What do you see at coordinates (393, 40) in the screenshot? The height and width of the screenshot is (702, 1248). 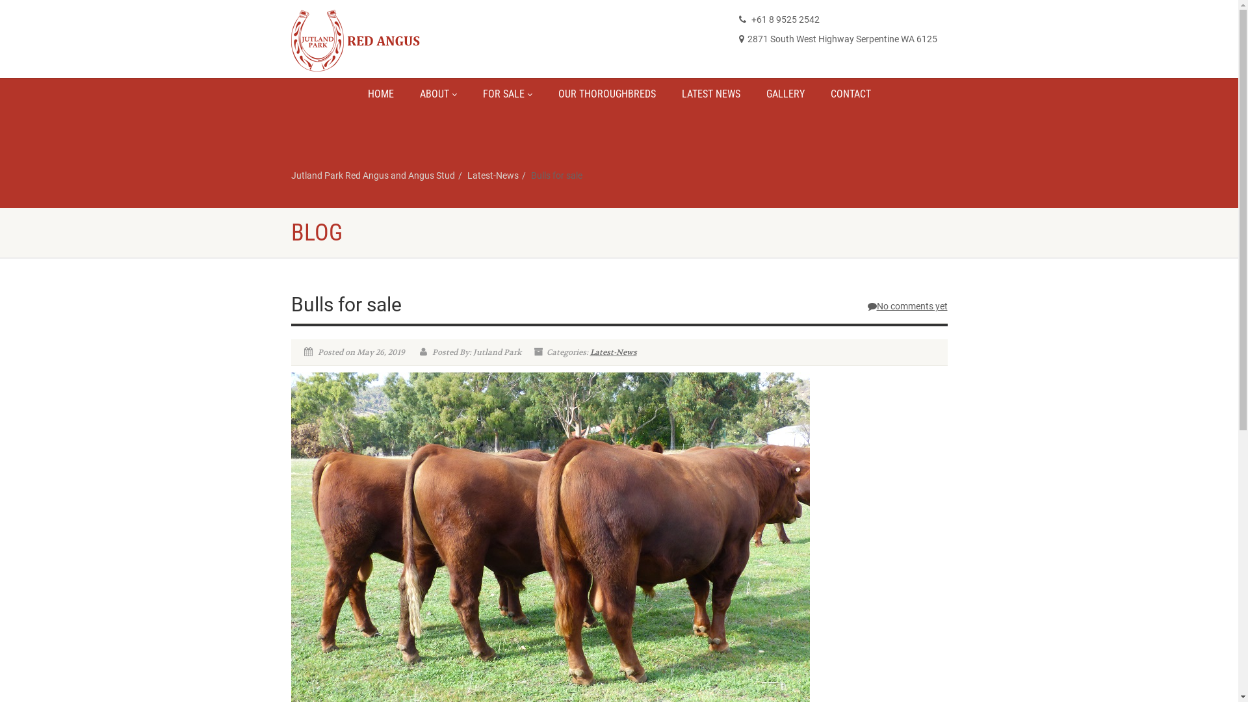 I see `'Logo'` at bounding box center [393, 40].